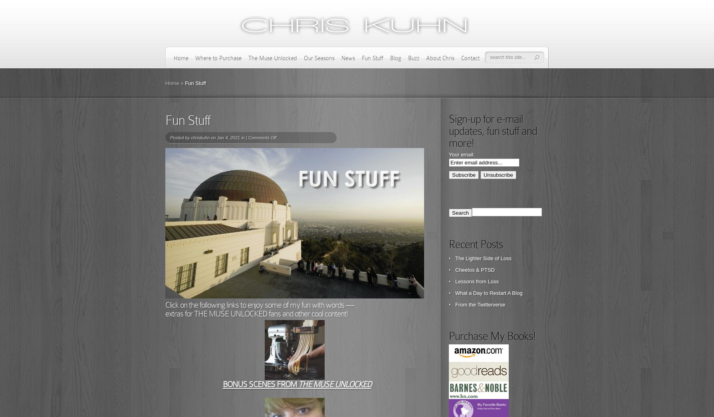 This screenshot has height=417, width=714. I want to click on 'News', so click(348, 57).